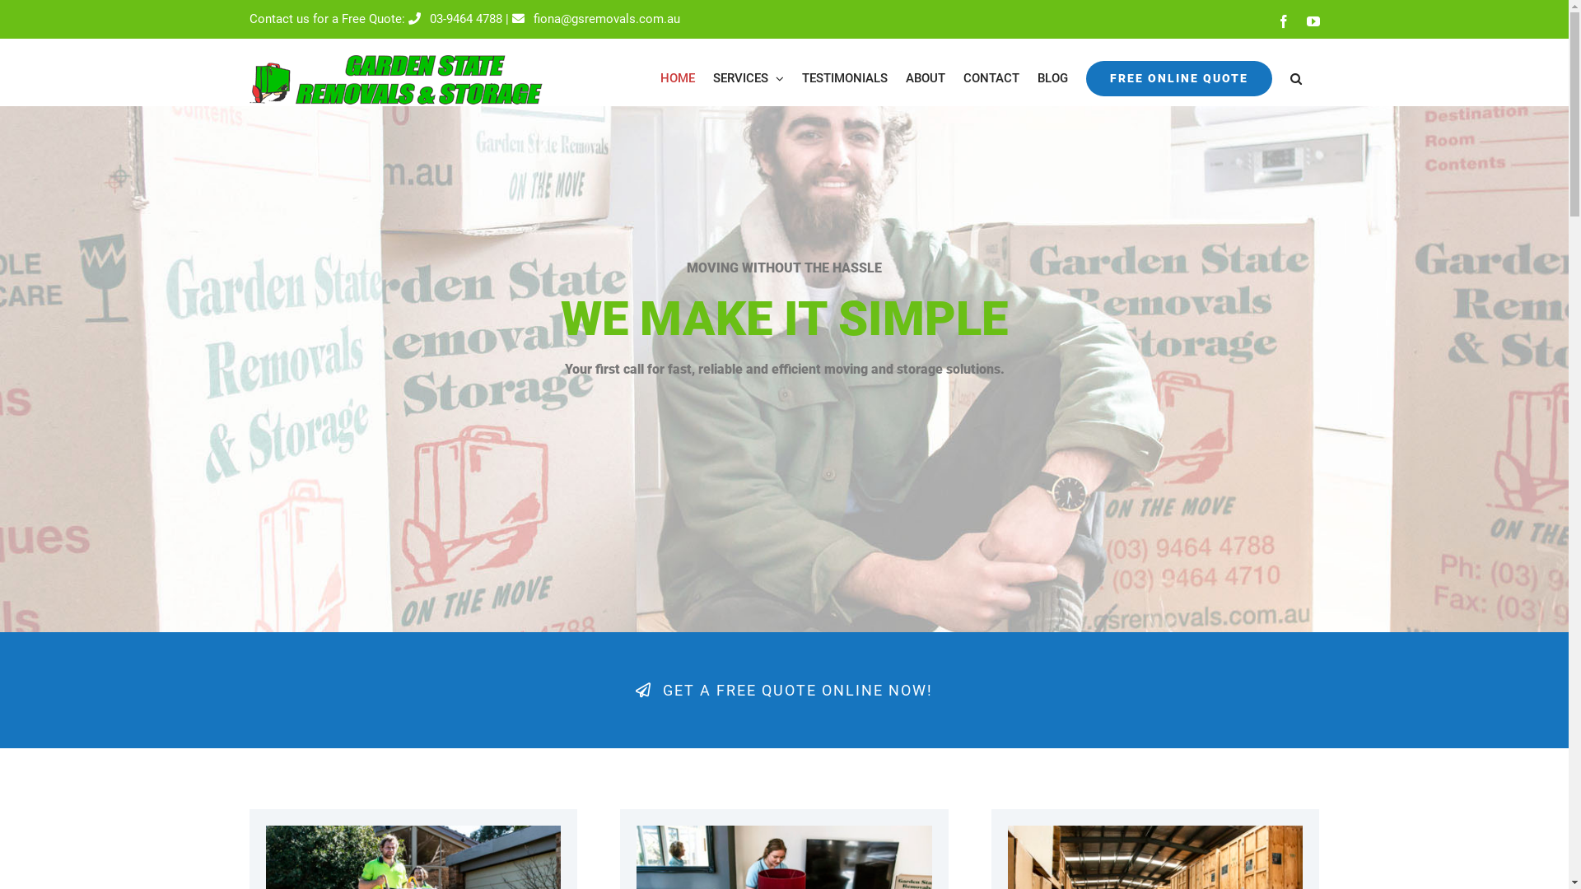 The width and height of the screenshot is (1581, 889). I want to click on '03-9464 4788', so click(455, 19).